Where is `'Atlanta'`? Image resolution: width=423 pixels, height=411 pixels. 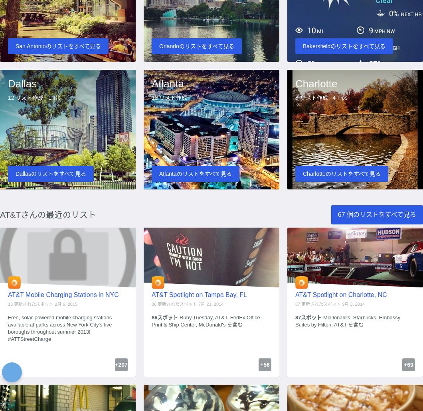
'Atlanta' is located at coordinates (167, 83).